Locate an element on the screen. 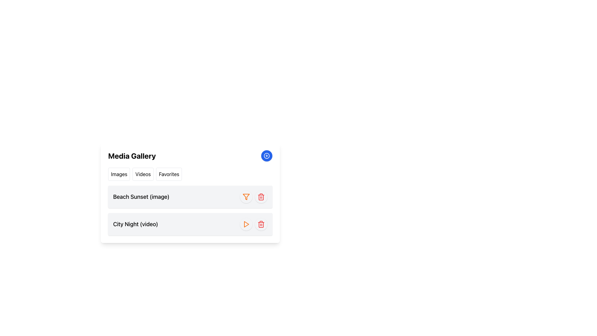  the second item in the vertical list of the 'Media Gallery' section is located at coordinates (190, 210).